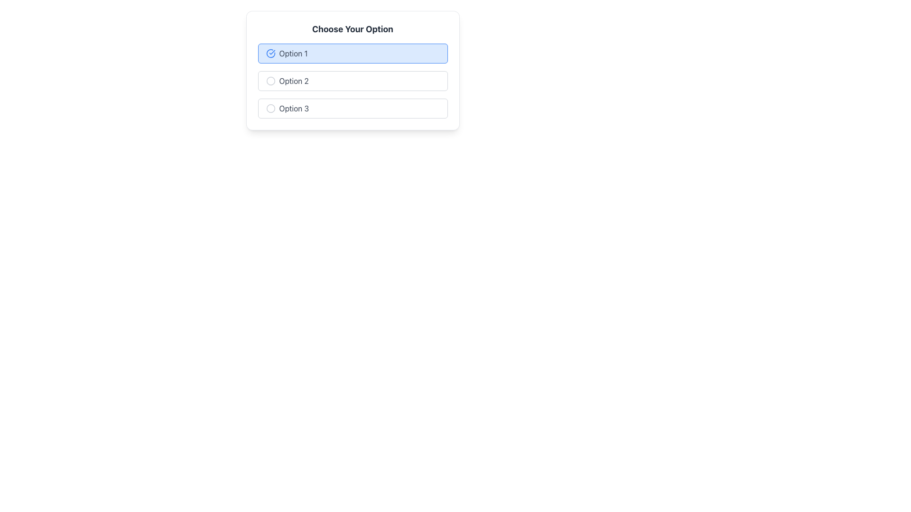 This screenshot has width=911, height=512. What do you see at coordinates (270, 80) in the screenshot?
I see `the unfilled circular radio button located to the left of the label 'Option 2'` at bounding box center [270, 80].